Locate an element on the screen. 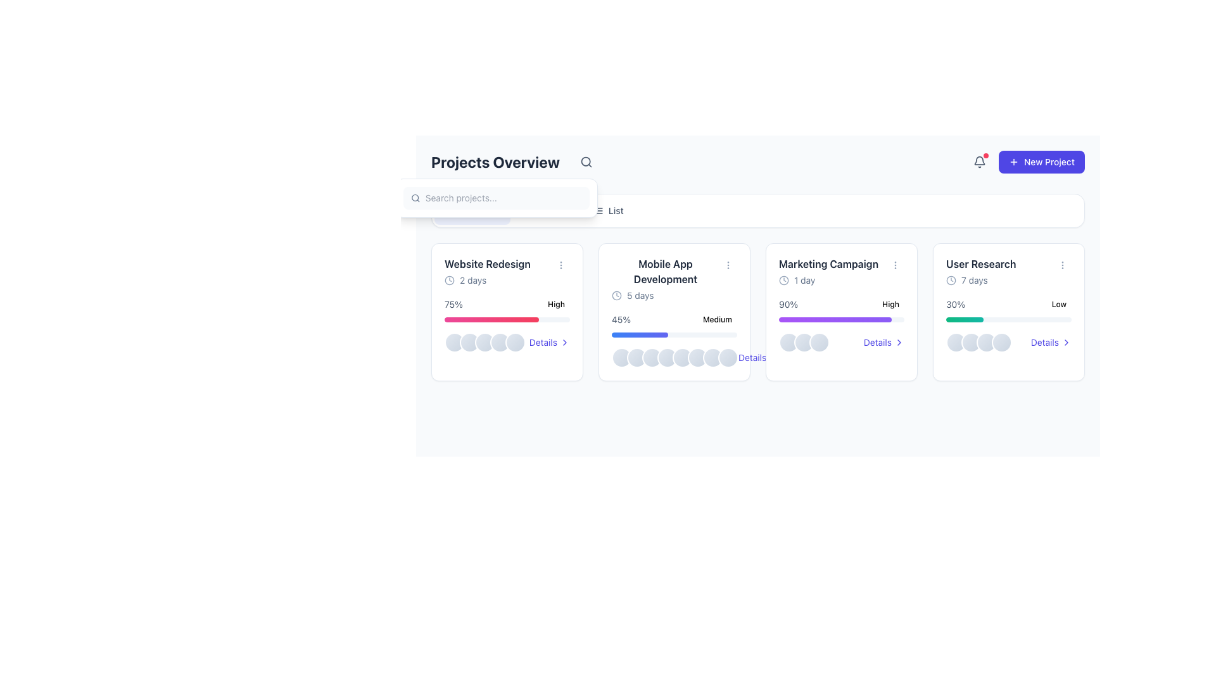 The width and height of the screenshot is (1216, 684). the progress bar indicating '45%' completion and 'Medium' priority is located at coordinates (674, 324).